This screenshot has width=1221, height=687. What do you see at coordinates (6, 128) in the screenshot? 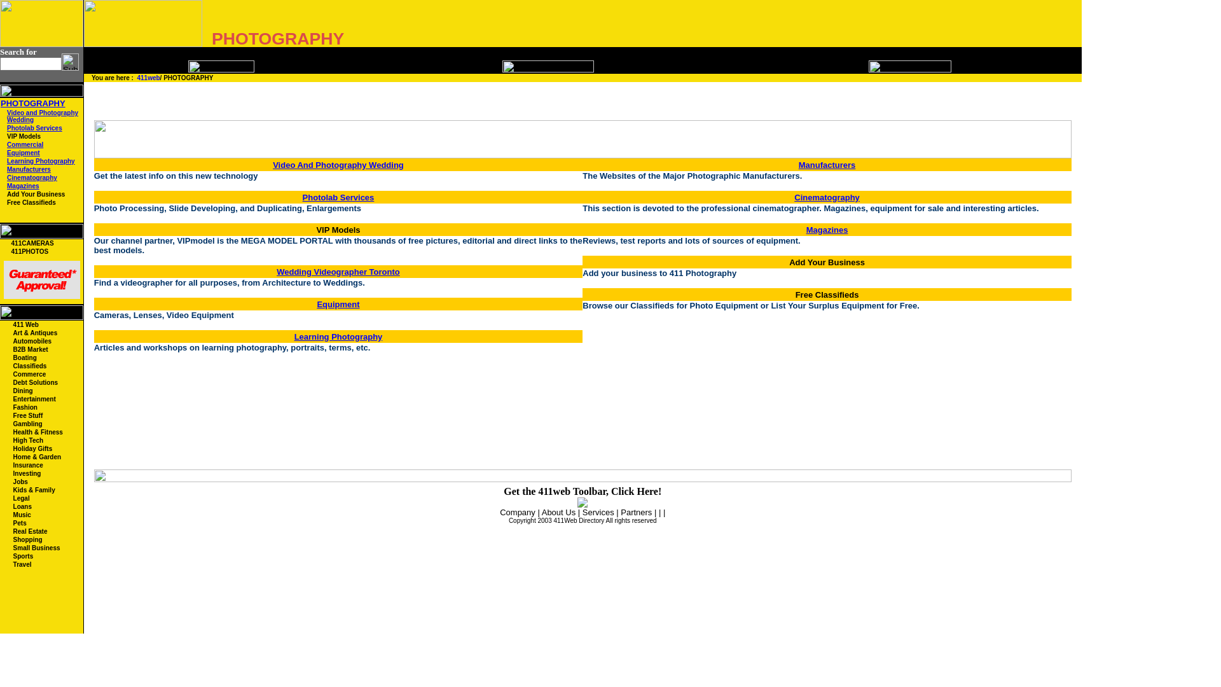
I see `'Photolab Services'` at bounding box center [6, 128].